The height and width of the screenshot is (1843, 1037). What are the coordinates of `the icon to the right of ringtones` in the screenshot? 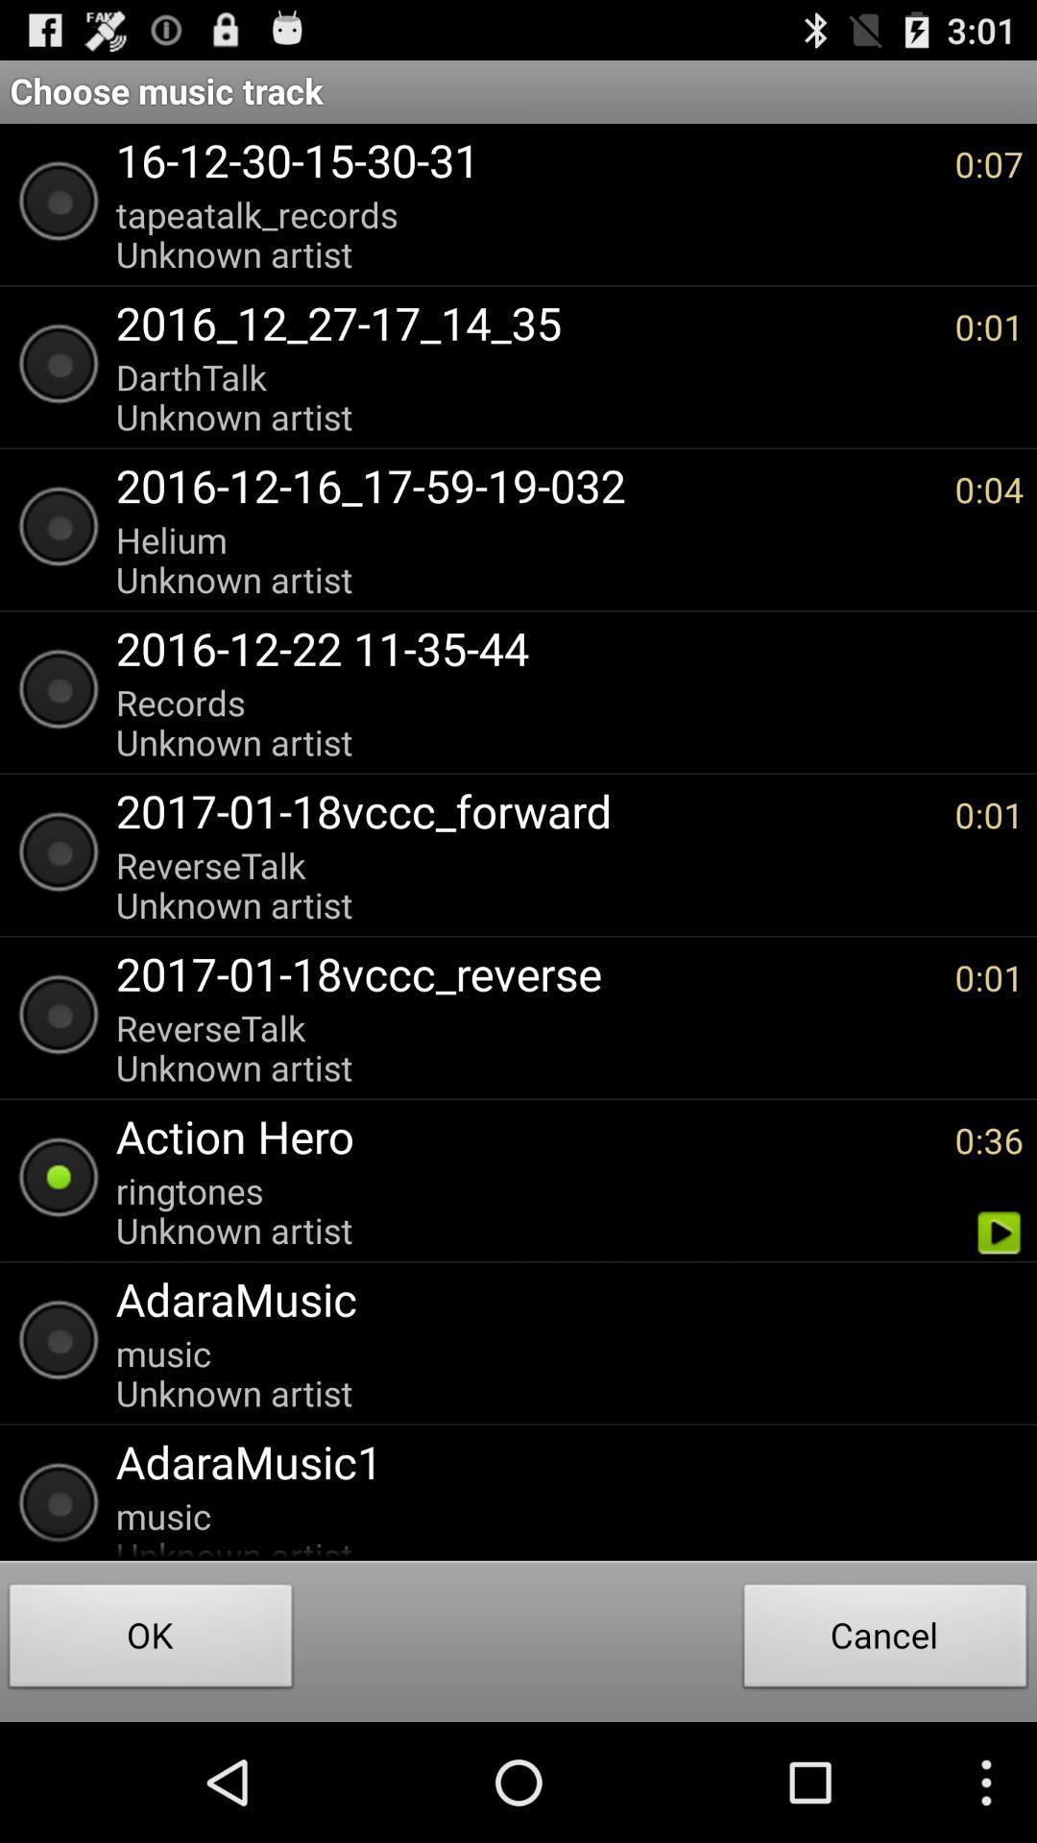 It's located at (998, 1233).